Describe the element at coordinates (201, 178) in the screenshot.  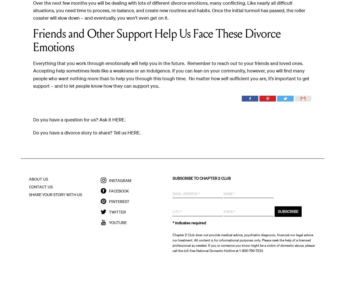
I see `'SUBSCRIBE TO CHAPTER 2 CLUB'` at that location.